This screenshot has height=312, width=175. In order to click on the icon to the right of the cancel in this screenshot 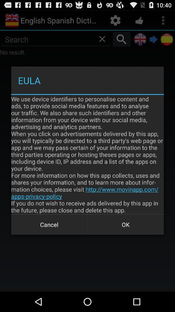, I will do `click(125, 225)`.